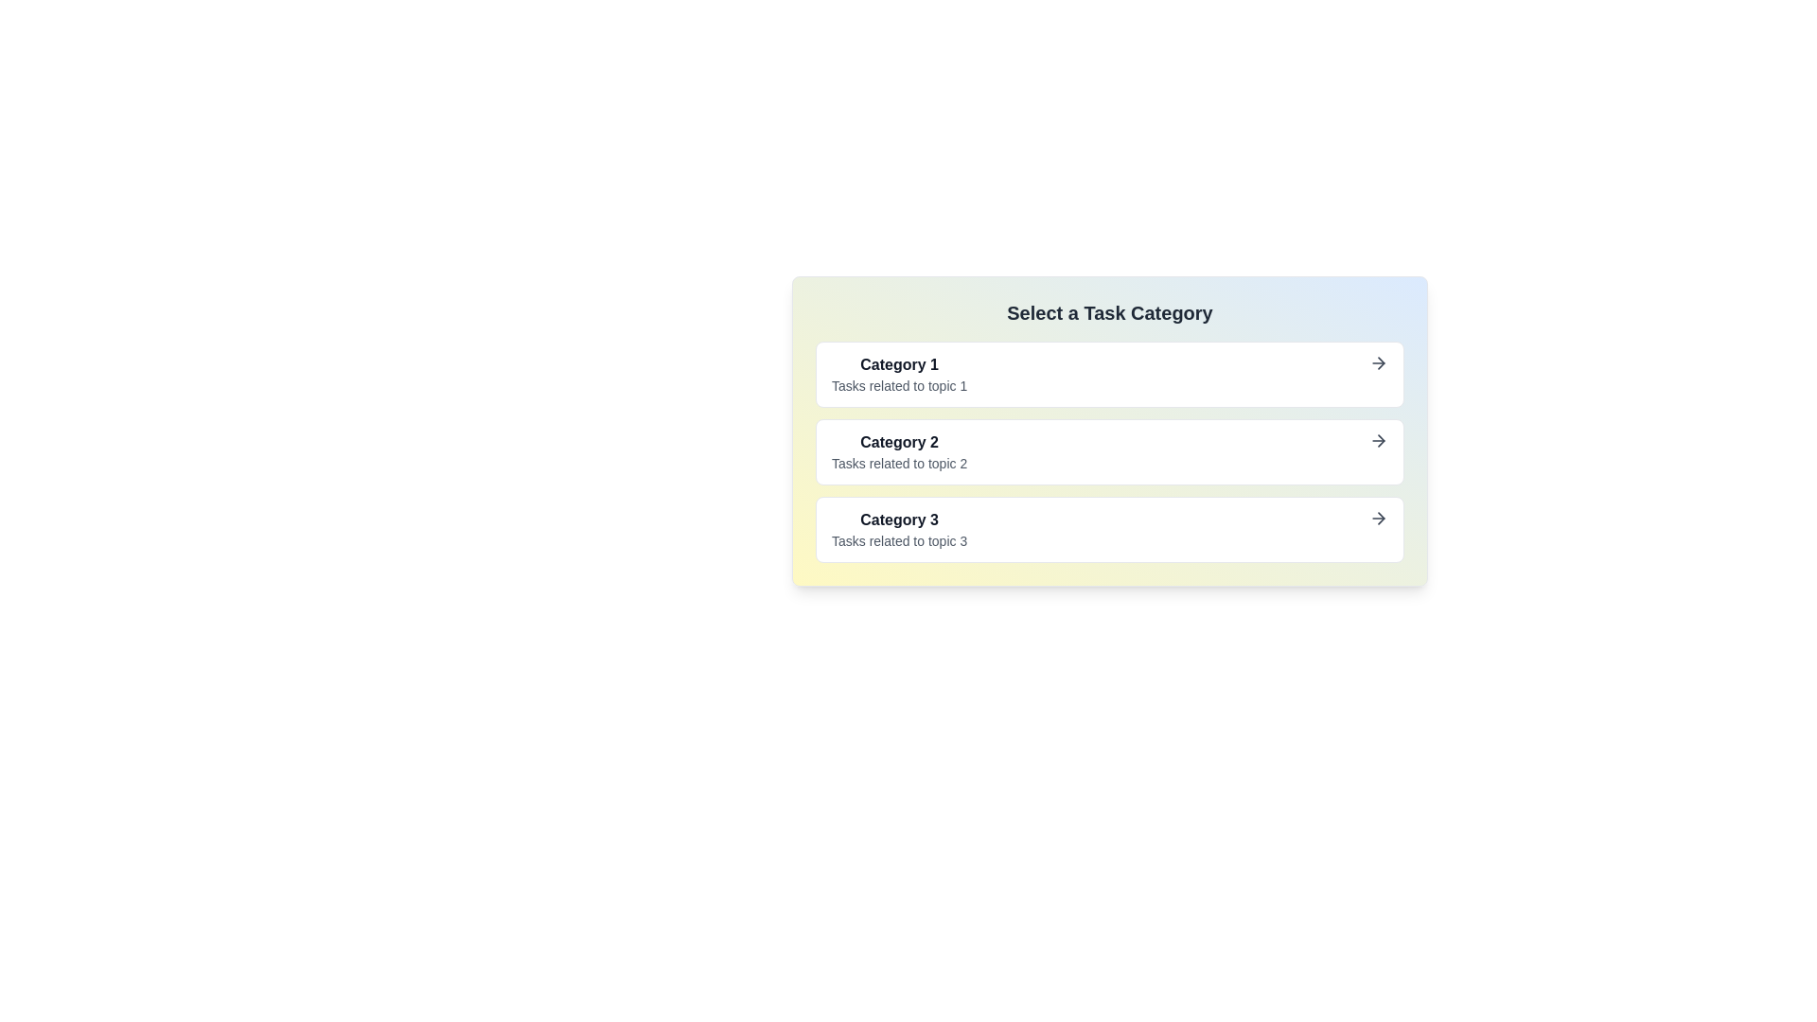 The height and width of the screenshot is (1022, 1817). Describe the element at coordinates (898, 540) in the screenshot. I see `the informational text label located under the 'Category 3' title on the task categories menu` at that location.